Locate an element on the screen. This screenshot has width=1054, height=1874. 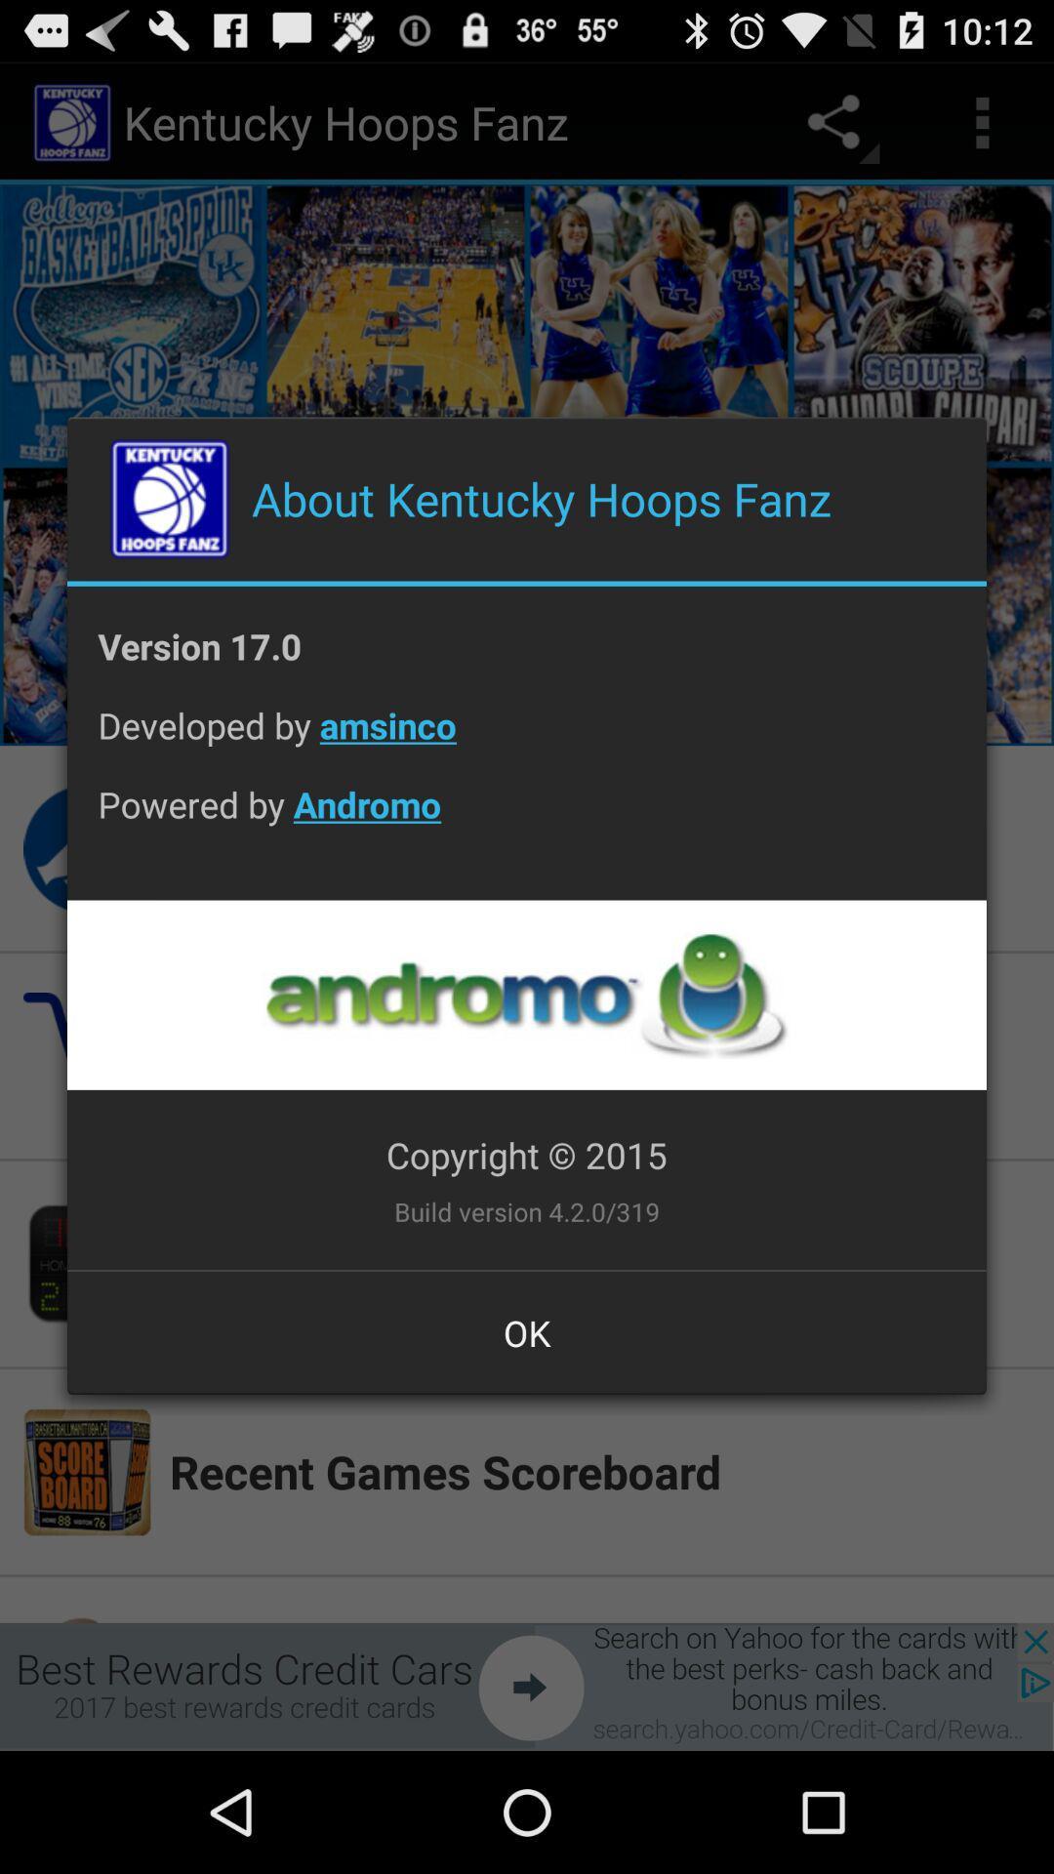
the developed by amsinco icon is located at coordinates (527, 739).